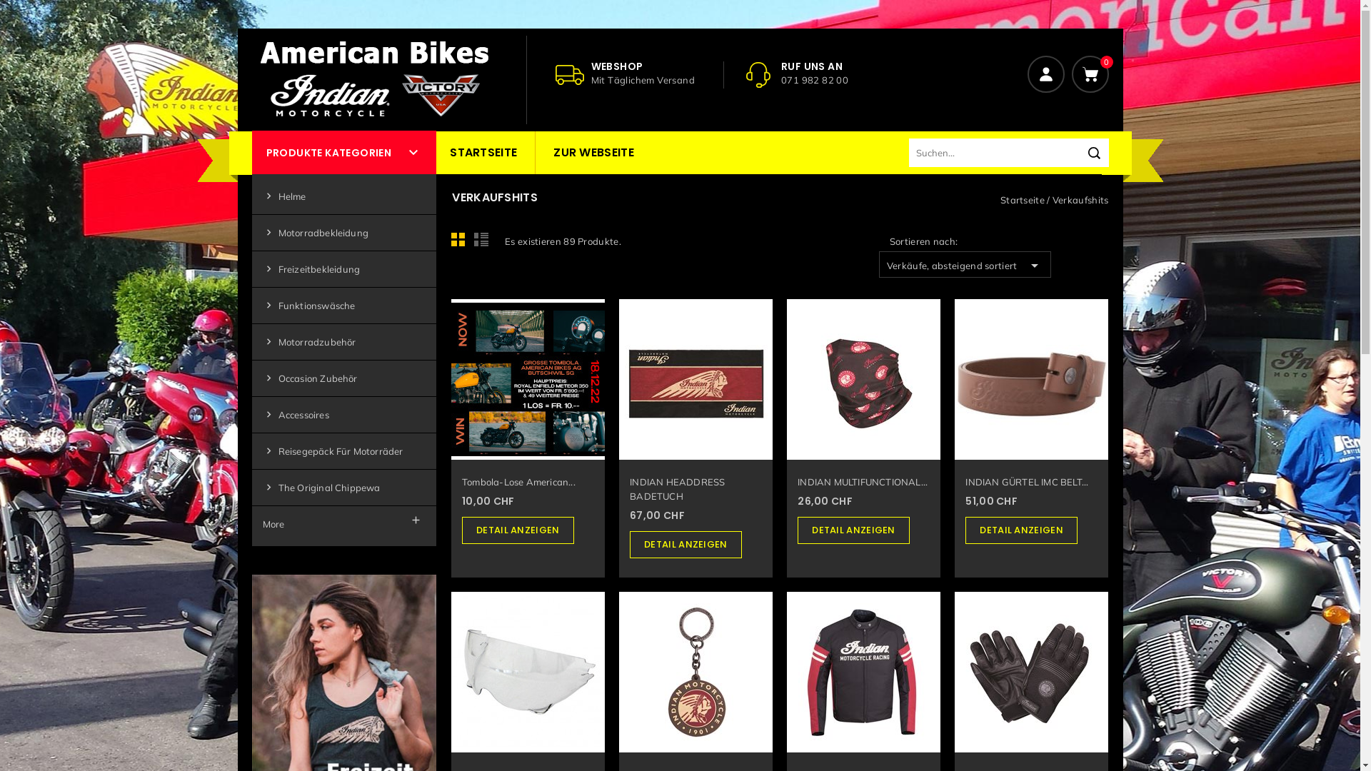 The width and height of the screenshot is (1371, 771). What do you see at coordinates (1023, 200) in the screenshot?
I see `'Startseite'` at bounding box center [1023, 200].